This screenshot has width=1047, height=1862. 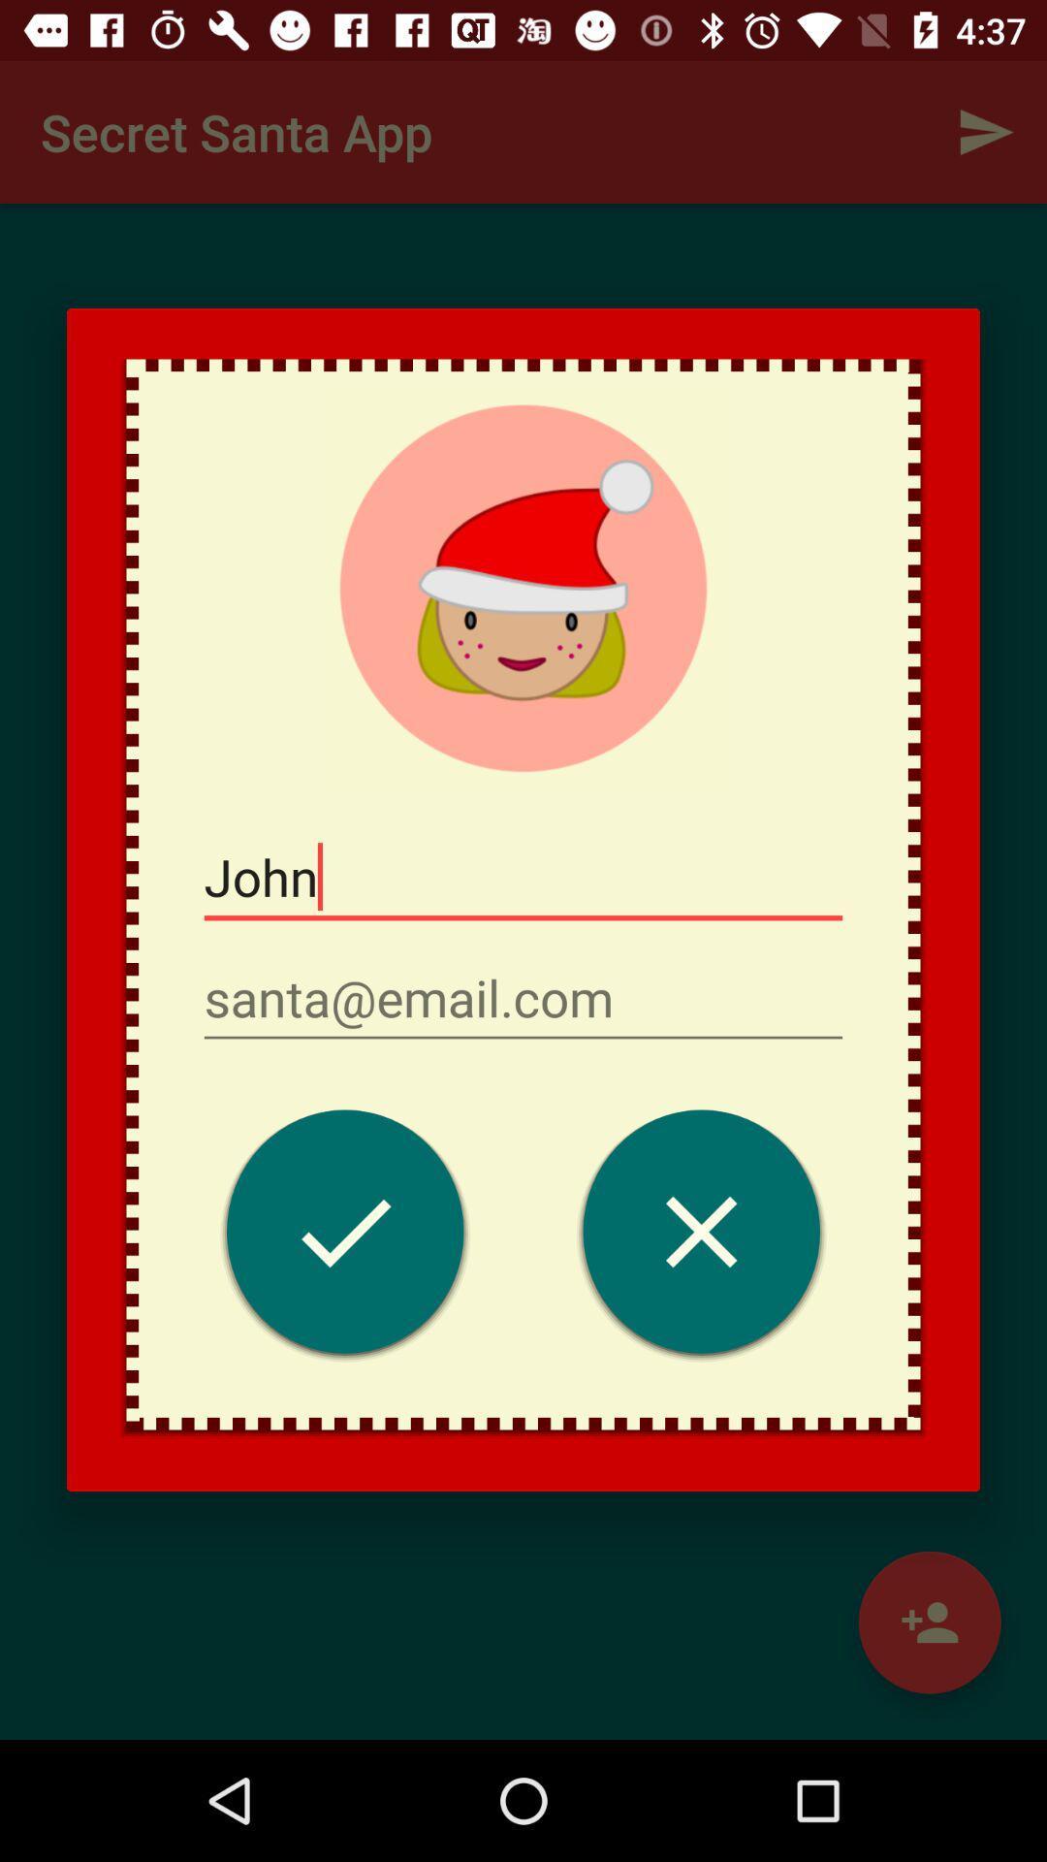 I want to click on email address field, so click(x=523, y=998).